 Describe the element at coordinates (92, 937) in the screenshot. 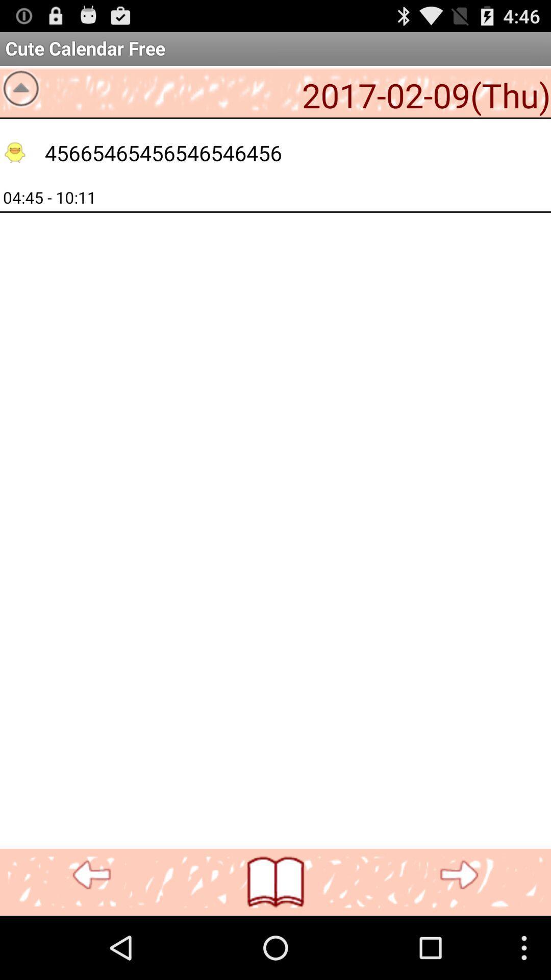

I see `the more icon` at that location.